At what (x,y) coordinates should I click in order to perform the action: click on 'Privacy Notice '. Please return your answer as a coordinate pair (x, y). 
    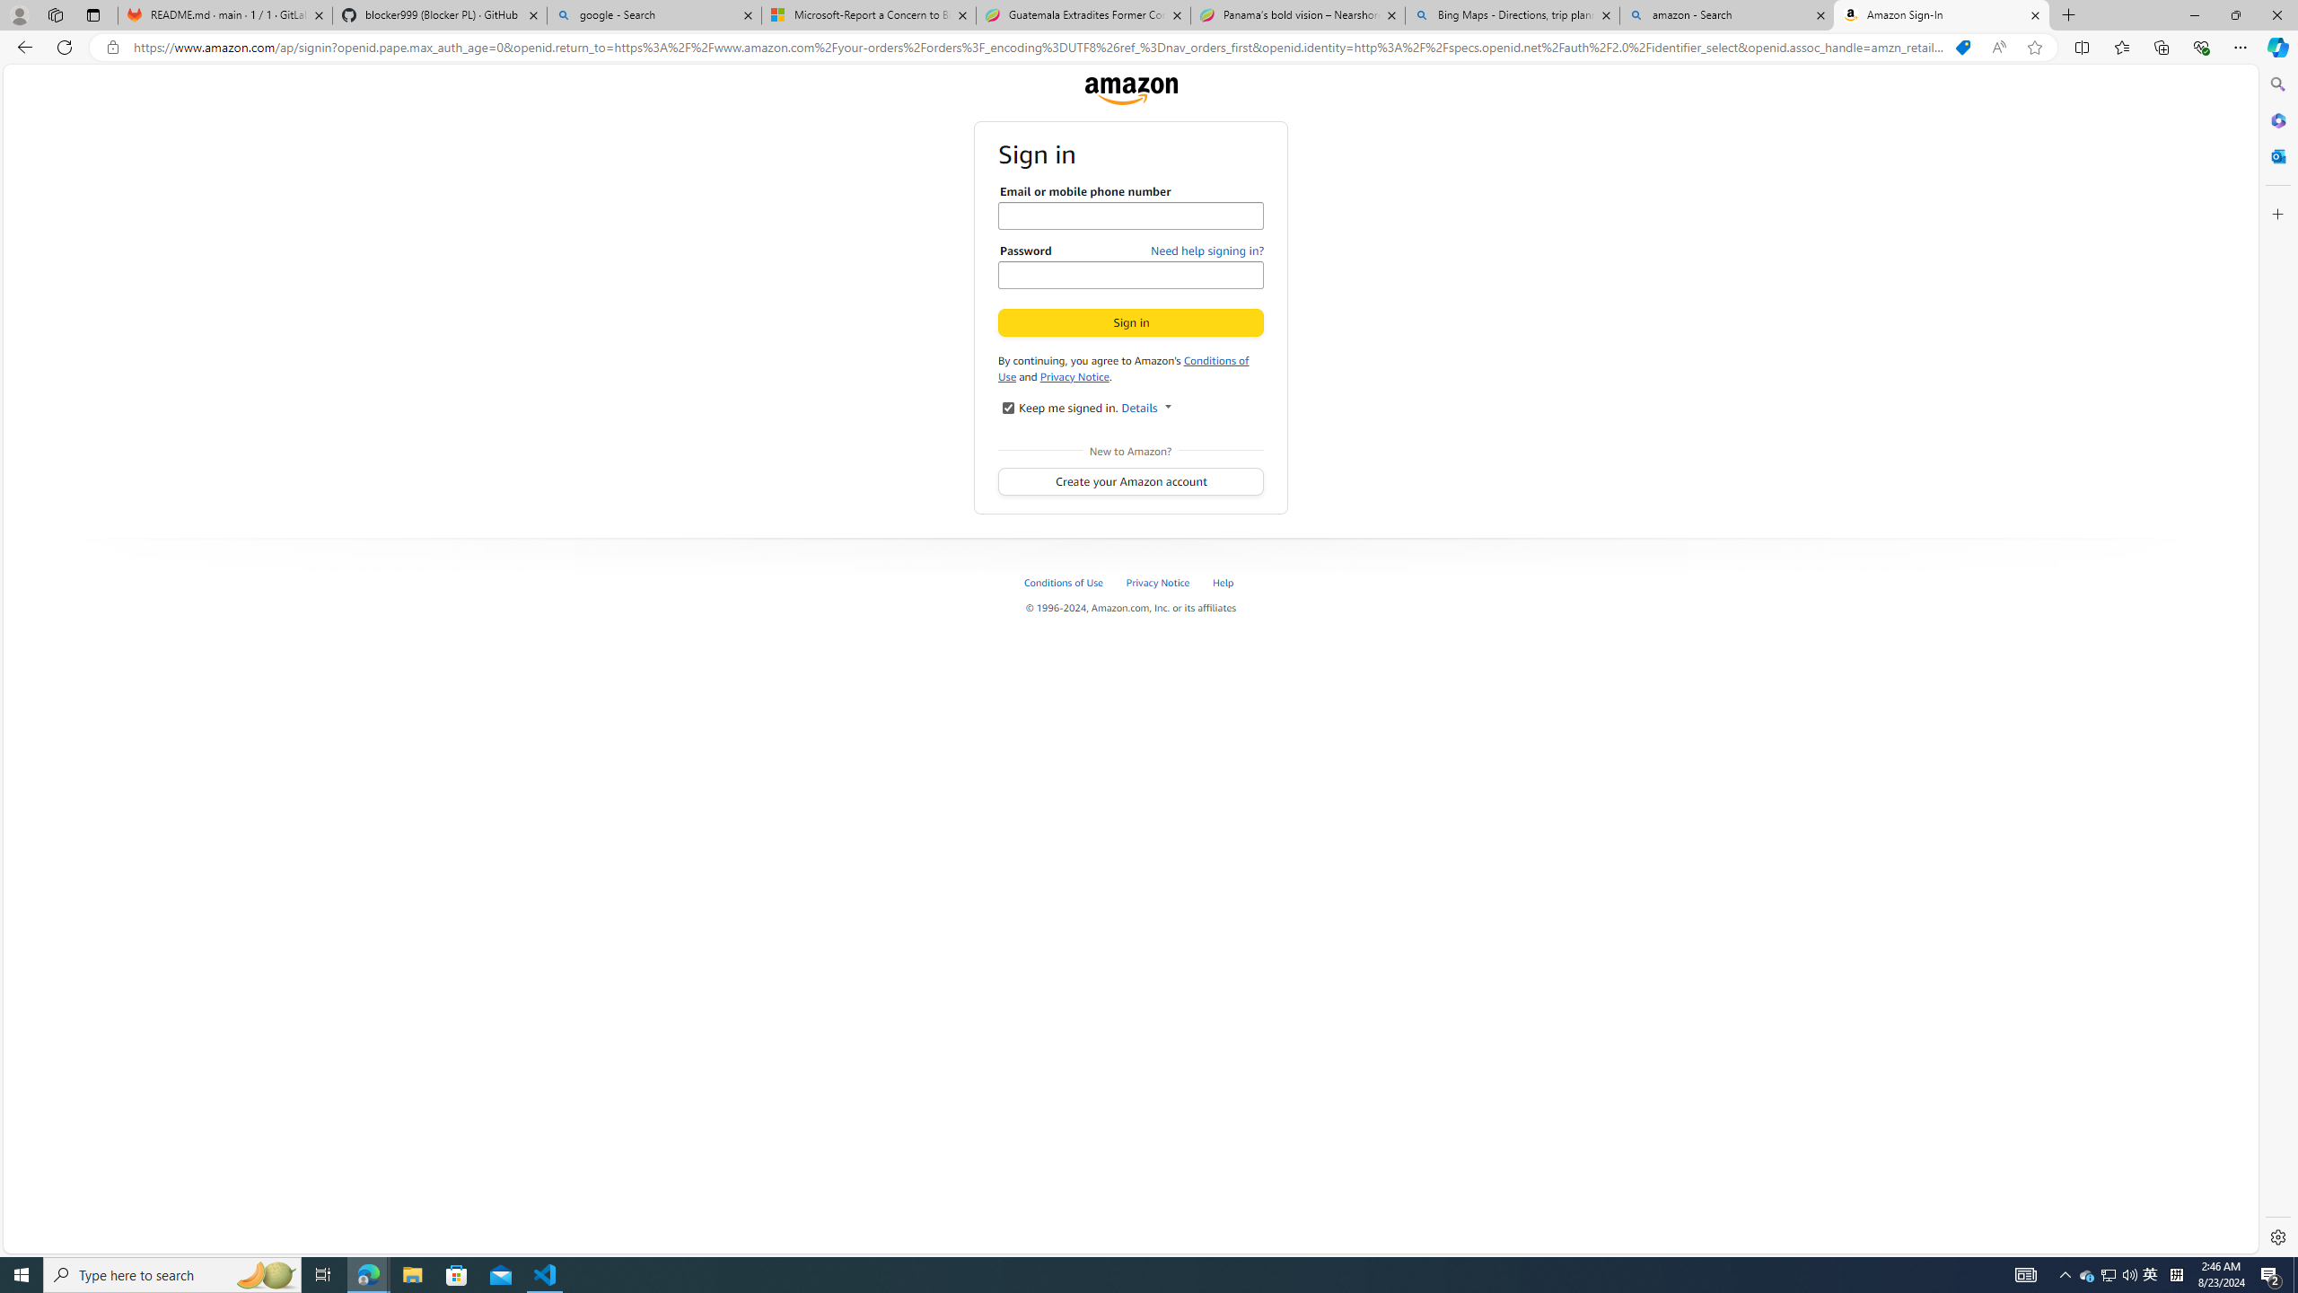
    Looking at the image, I should click on (1159, 581).